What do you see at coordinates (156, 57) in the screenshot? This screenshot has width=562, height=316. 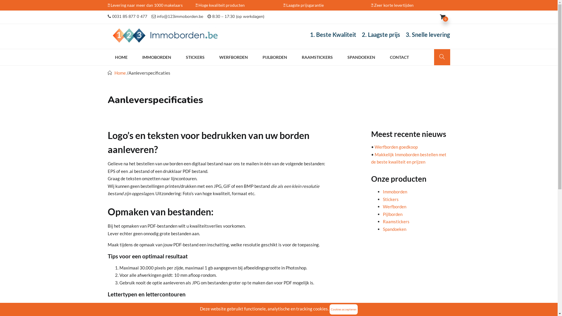 I see `'IMMOBORDEN'` at bounding box center [156, 57].